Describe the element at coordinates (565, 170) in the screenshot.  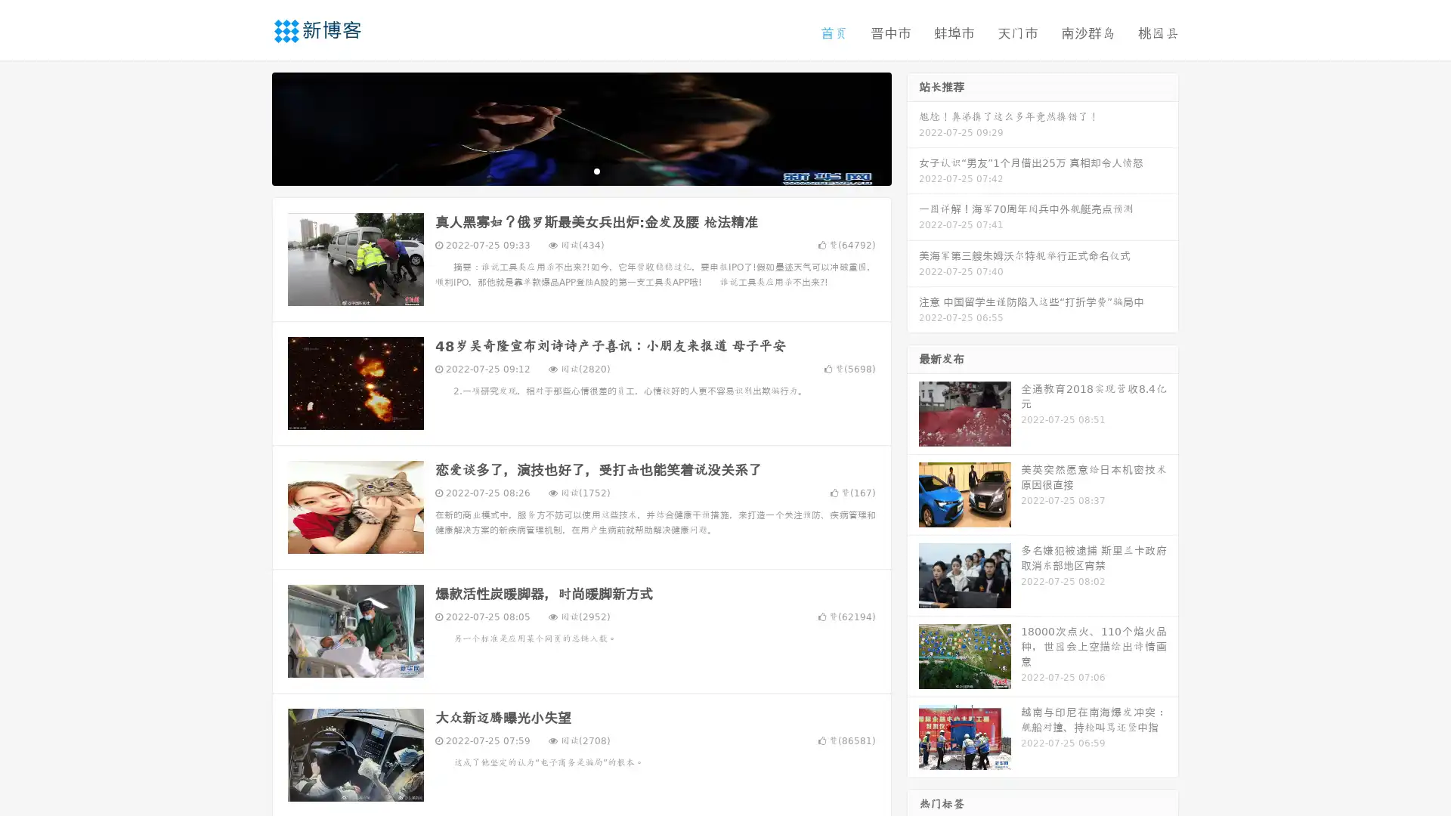
I see `Go to slide 1` at that location.